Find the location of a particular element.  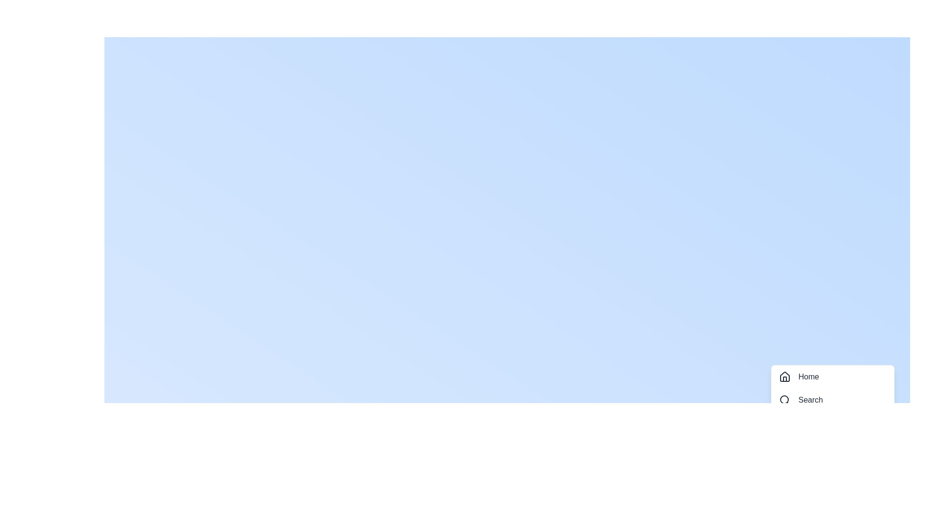

the house-shaped icon representing 'Home', which is located in the bottom right horizontal menu is located at coordinates (784, 376).